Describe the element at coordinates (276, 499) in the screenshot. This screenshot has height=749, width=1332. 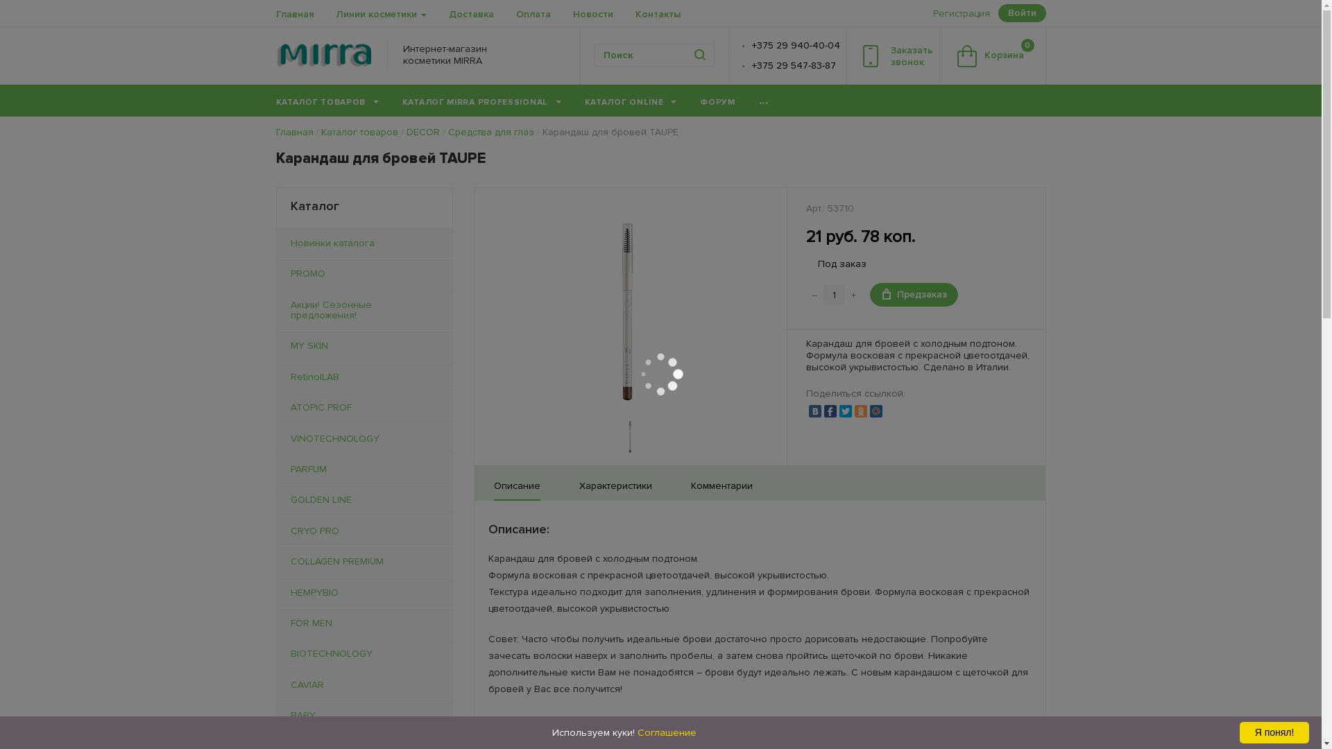
I see `'GOLDEN LINE'` at that location.